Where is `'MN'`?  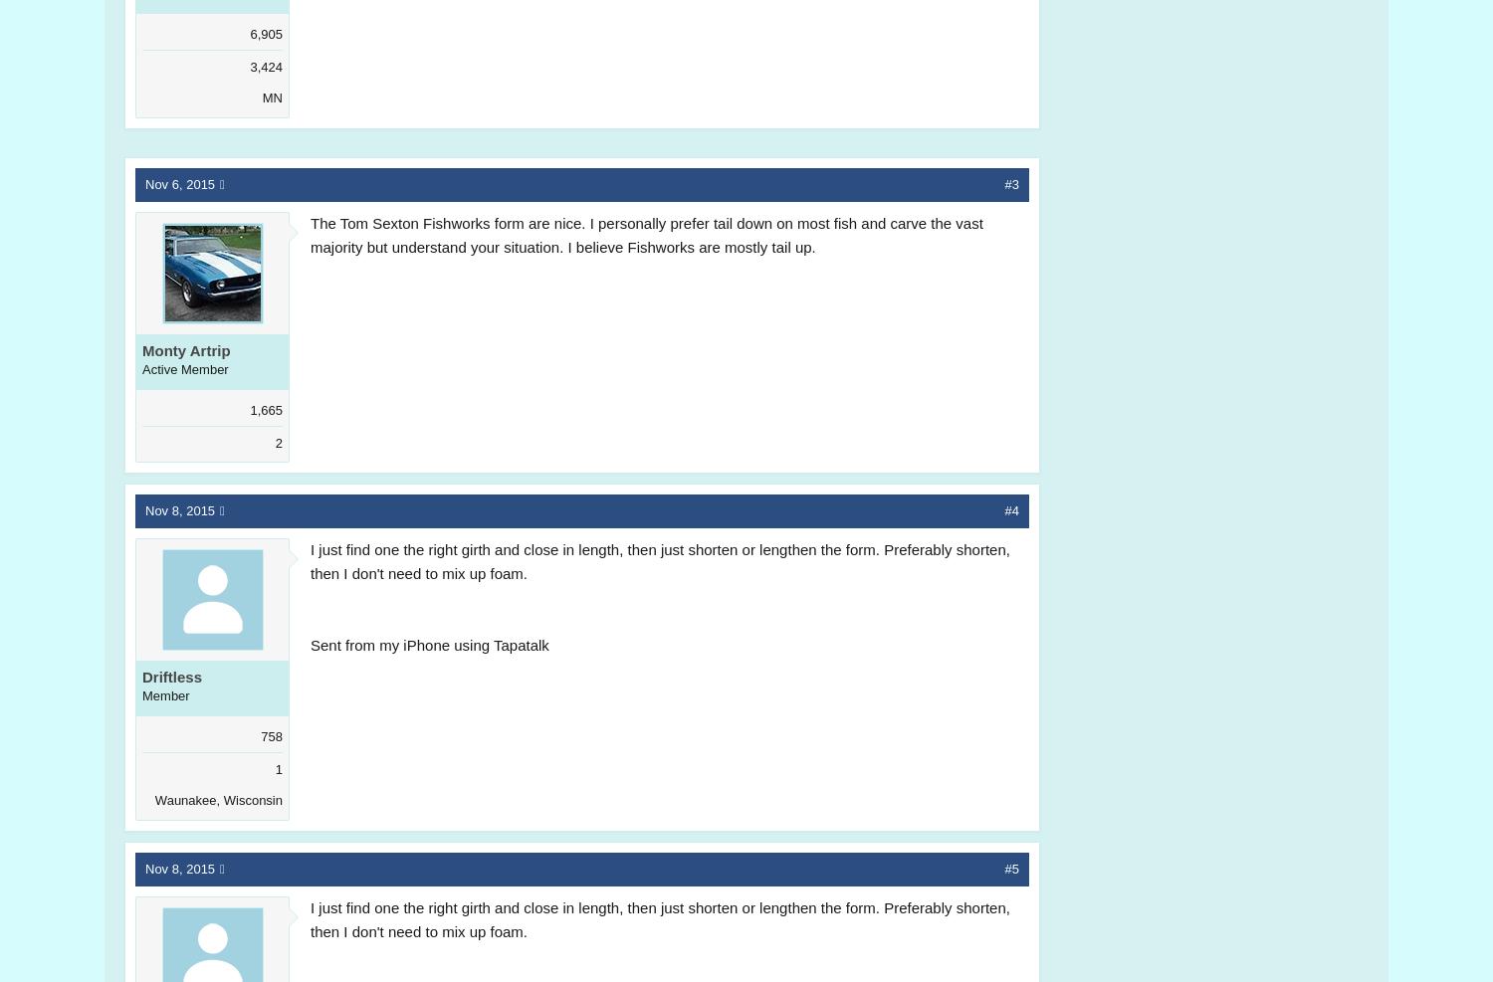 'MN' is located at coordinates (261, 98).